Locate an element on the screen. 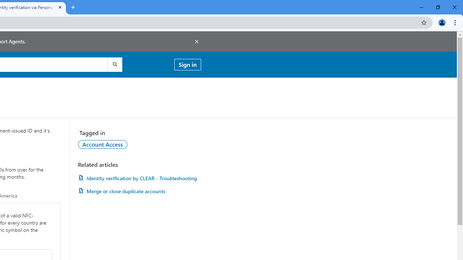 Image resolution: width=463 pixels, height=260 pixels. 'Account Access' is located at coordinates (102, 144).